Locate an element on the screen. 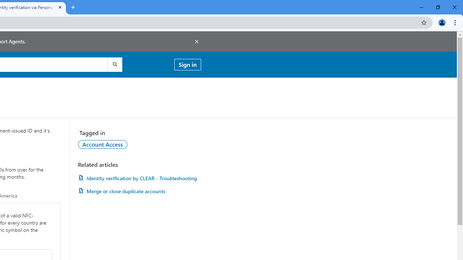 Image resolution: width=463 pixels, height=260 pixels. 'Account Access' is located at coordinates (102, 144).